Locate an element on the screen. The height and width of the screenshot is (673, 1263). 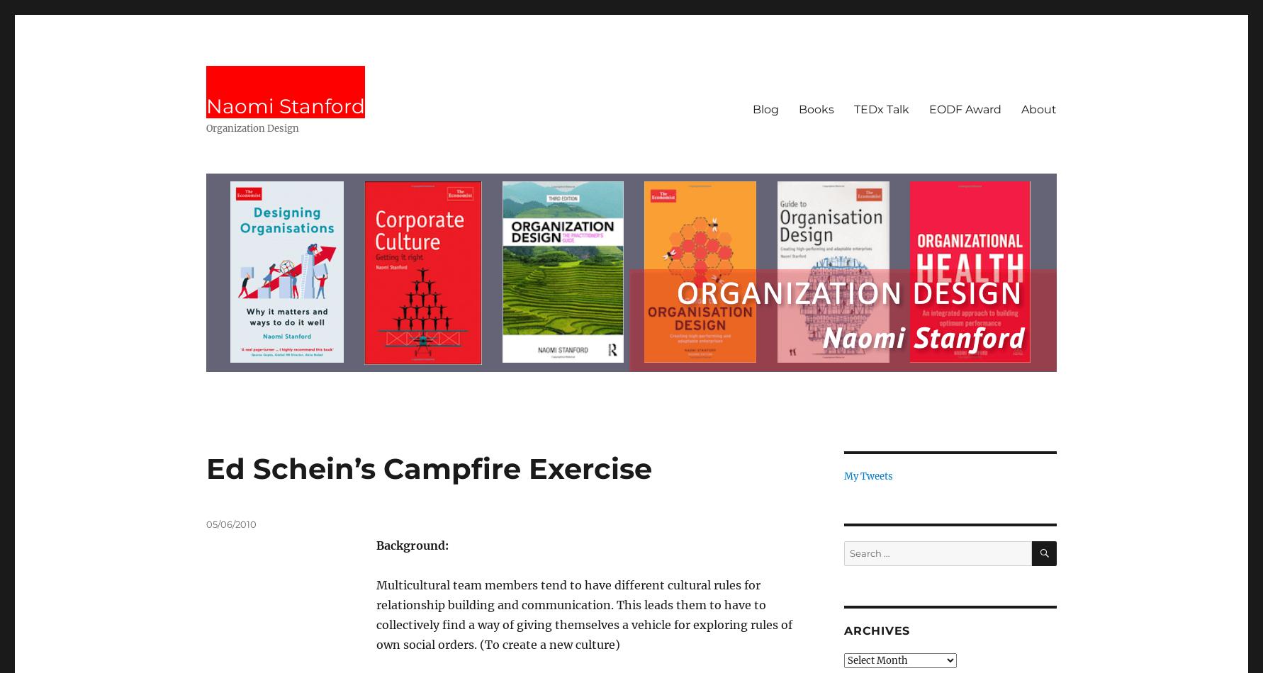
'EODF Award' is located at coordinates (964, 108).